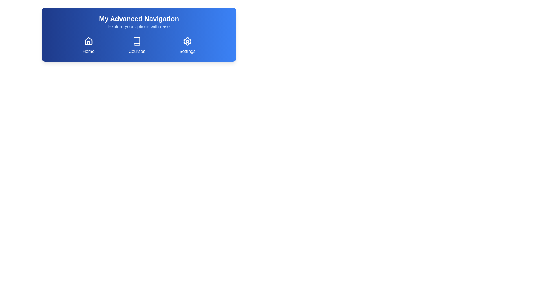 The image size is (542, 304). Describe the element at coordinates (88, 41) in the screenshot. I see `the house-shaped icon with a white outline on a blue gradient background, labeled 'Home'` at that location.